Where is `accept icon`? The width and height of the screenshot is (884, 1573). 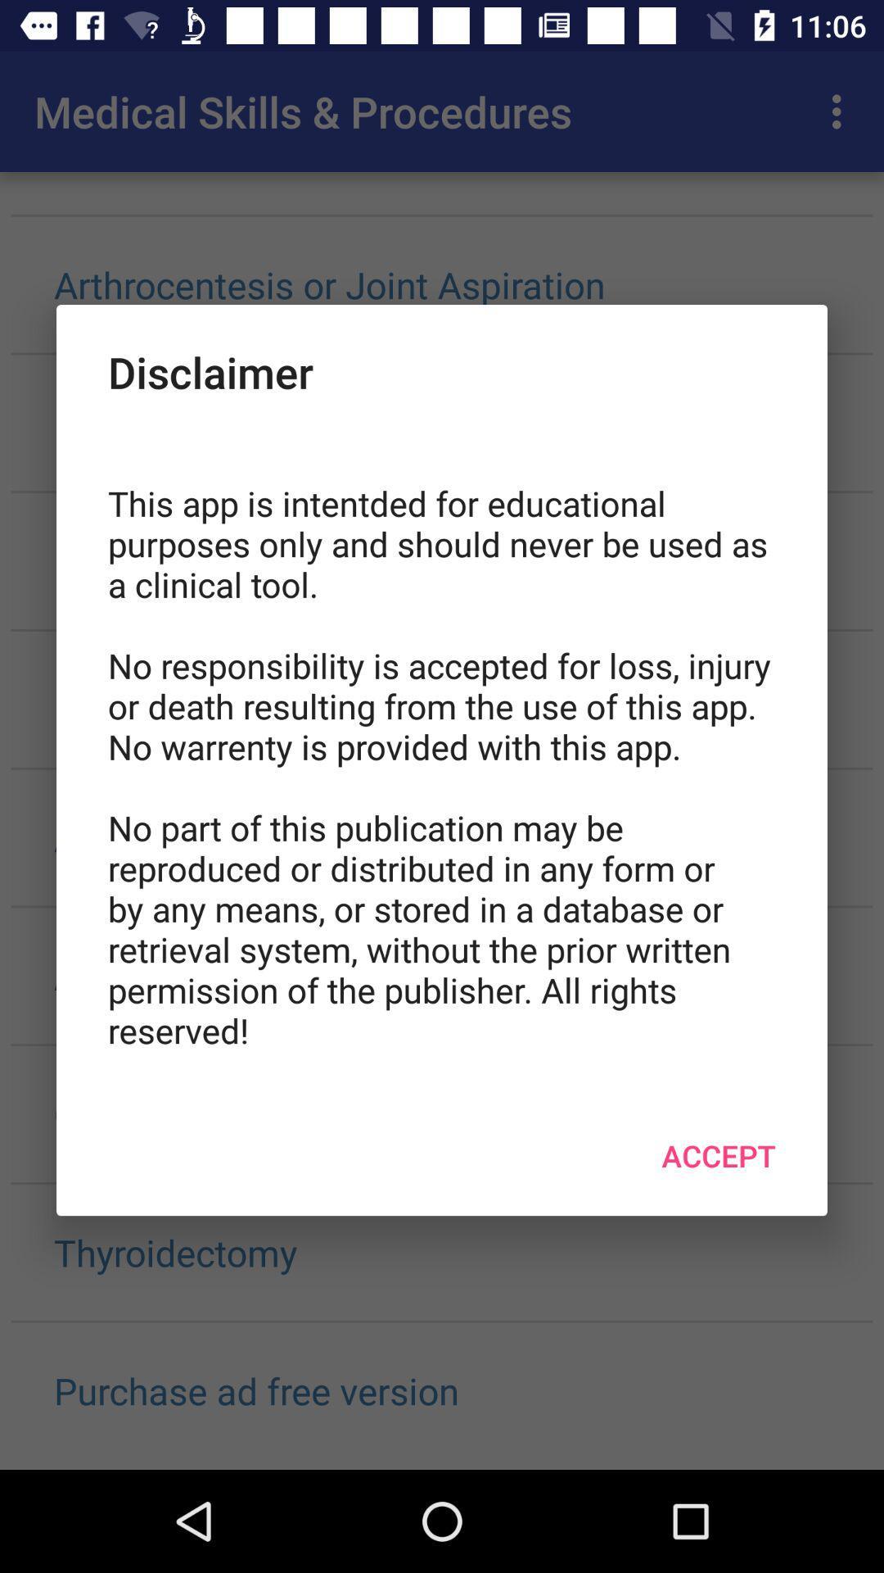
accept icon is located at coordinates (718, 1154).